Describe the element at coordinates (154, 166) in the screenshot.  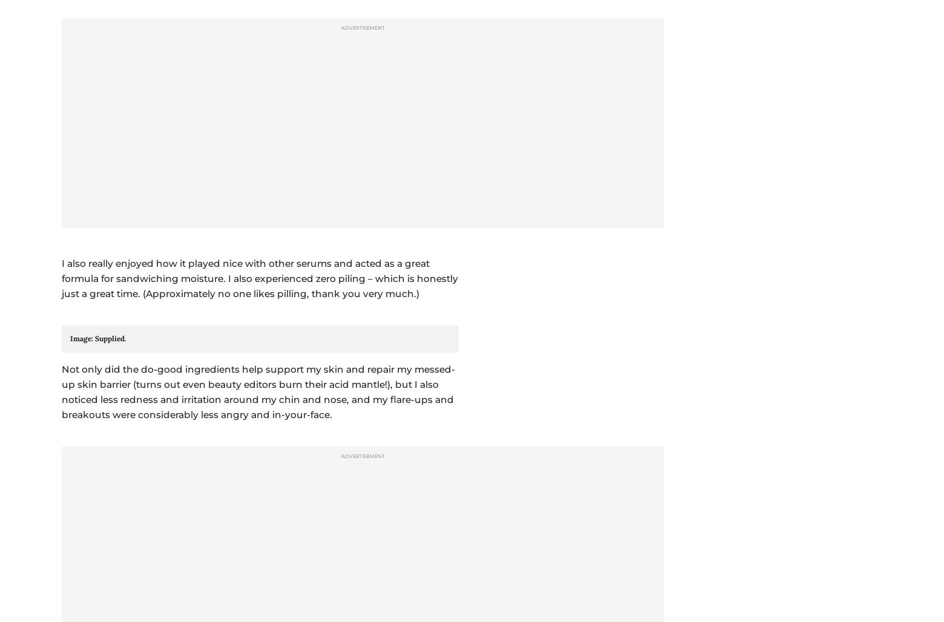
I see `'Feature image: Supplied/Erin Docherty.'` at that location.